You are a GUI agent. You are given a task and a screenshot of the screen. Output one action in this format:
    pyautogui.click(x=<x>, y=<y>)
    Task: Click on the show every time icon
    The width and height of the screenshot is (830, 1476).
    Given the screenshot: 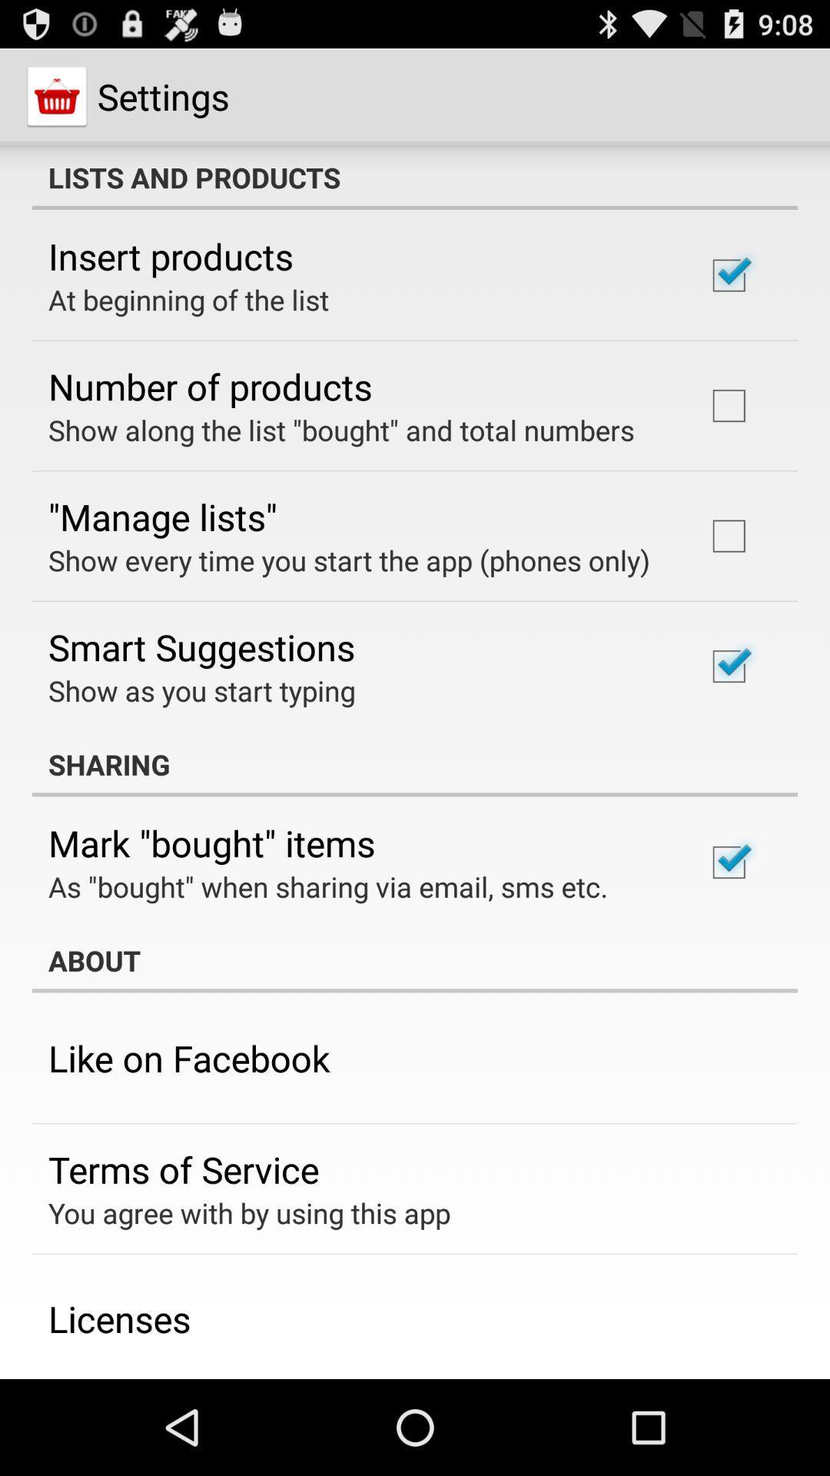 What is the action you would take?
    pyautogui.click(x=349, y=560)
    